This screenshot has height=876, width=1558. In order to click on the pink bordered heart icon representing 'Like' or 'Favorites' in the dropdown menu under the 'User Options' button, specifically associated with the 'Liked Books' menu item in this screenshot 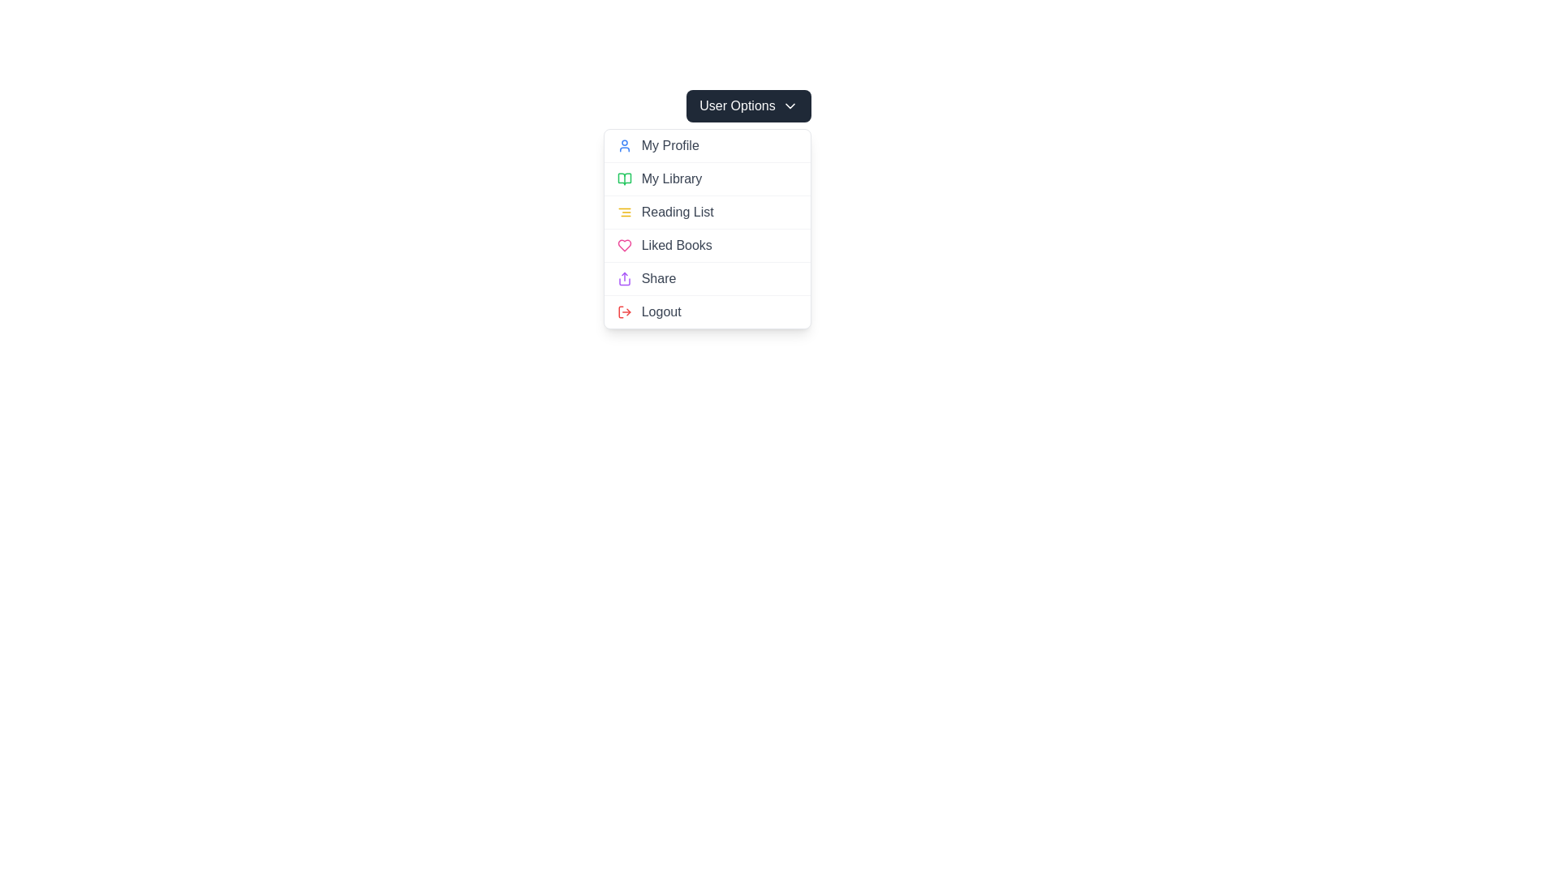, I will do `click(623, 246)`.